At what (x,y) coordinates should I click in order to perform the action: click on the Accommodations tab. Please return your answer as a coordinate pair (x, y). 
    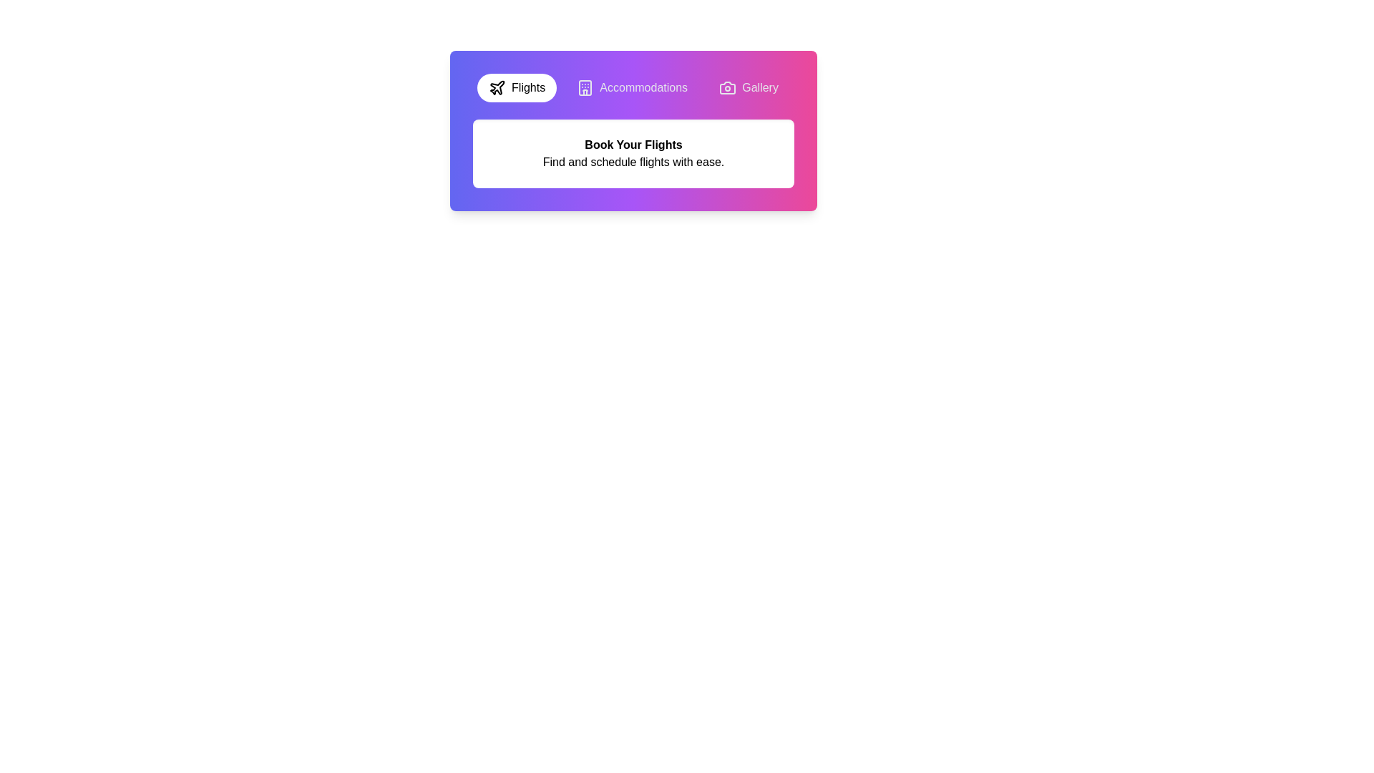
    Looking at the image, I should click on (631, 88).